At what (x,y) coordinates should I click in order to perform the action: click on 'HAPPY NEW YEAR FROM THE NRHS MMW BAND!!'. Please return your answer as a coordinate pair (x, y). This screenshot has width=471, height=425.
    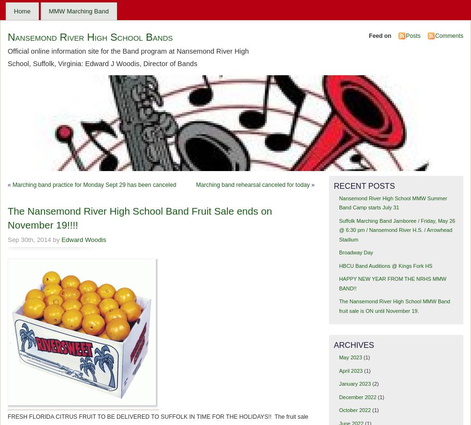
    Looking at the image, I should click on (392, 283).